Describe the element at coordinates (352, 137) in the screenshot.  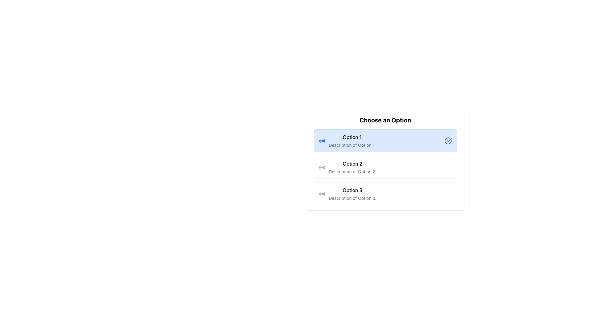
I see `the centrally positioned text label for Option 1` at that location.